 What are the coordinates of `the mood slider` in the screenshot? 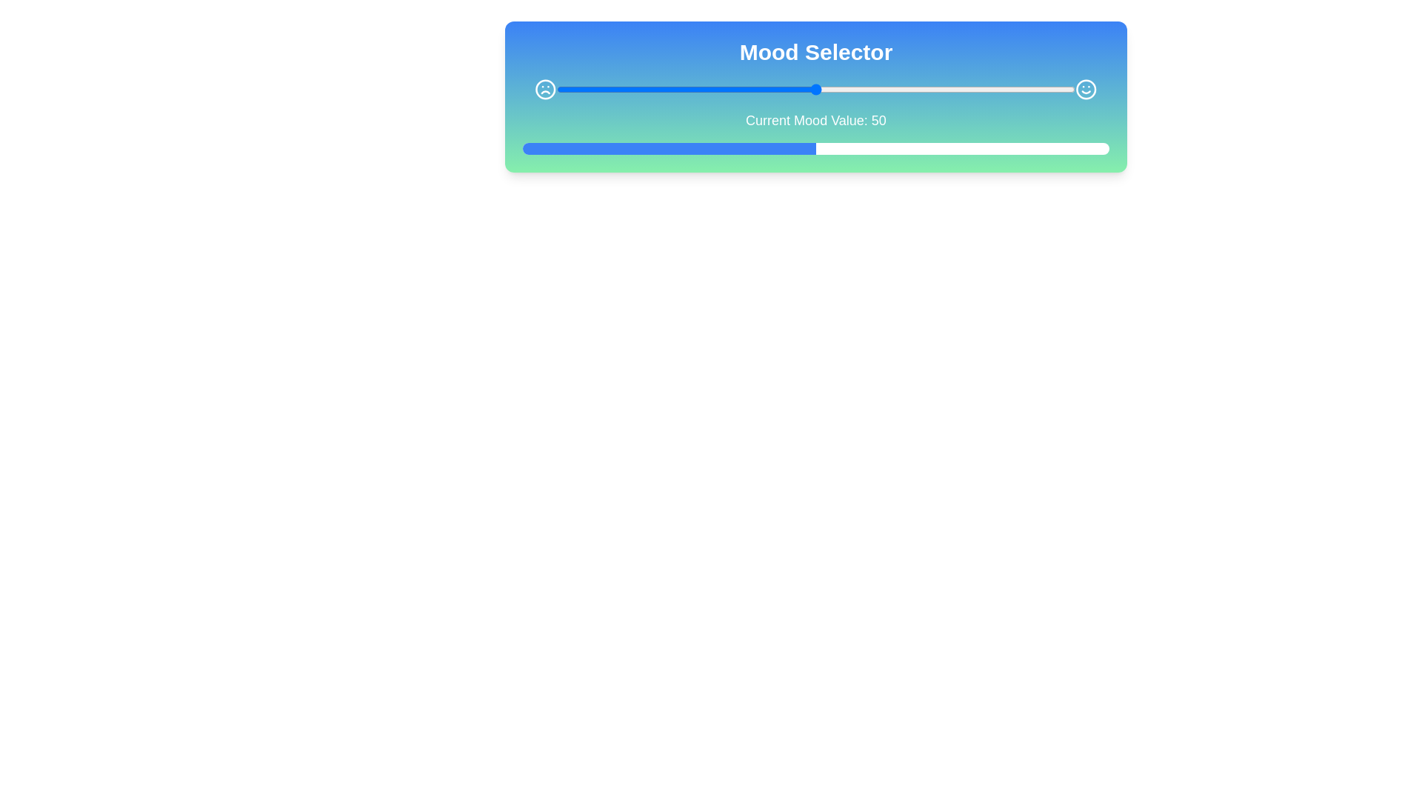 It's located at (664, 89).